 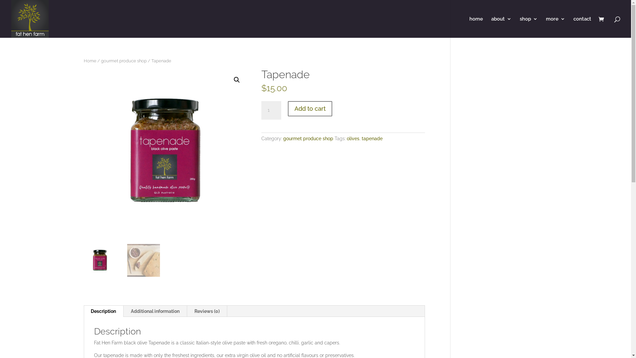 What do you see at coordinates (582, 27) in the screenshot?
I see `'contact'` at bounding box center [582, 27].